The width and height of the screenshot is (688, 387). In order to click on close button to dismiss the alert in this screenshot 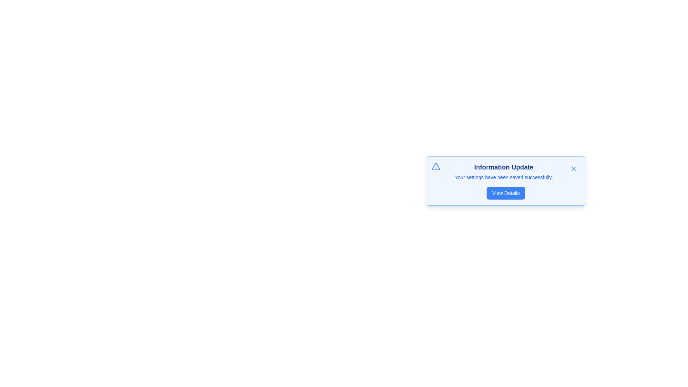, I will do `click(574, 168)`.